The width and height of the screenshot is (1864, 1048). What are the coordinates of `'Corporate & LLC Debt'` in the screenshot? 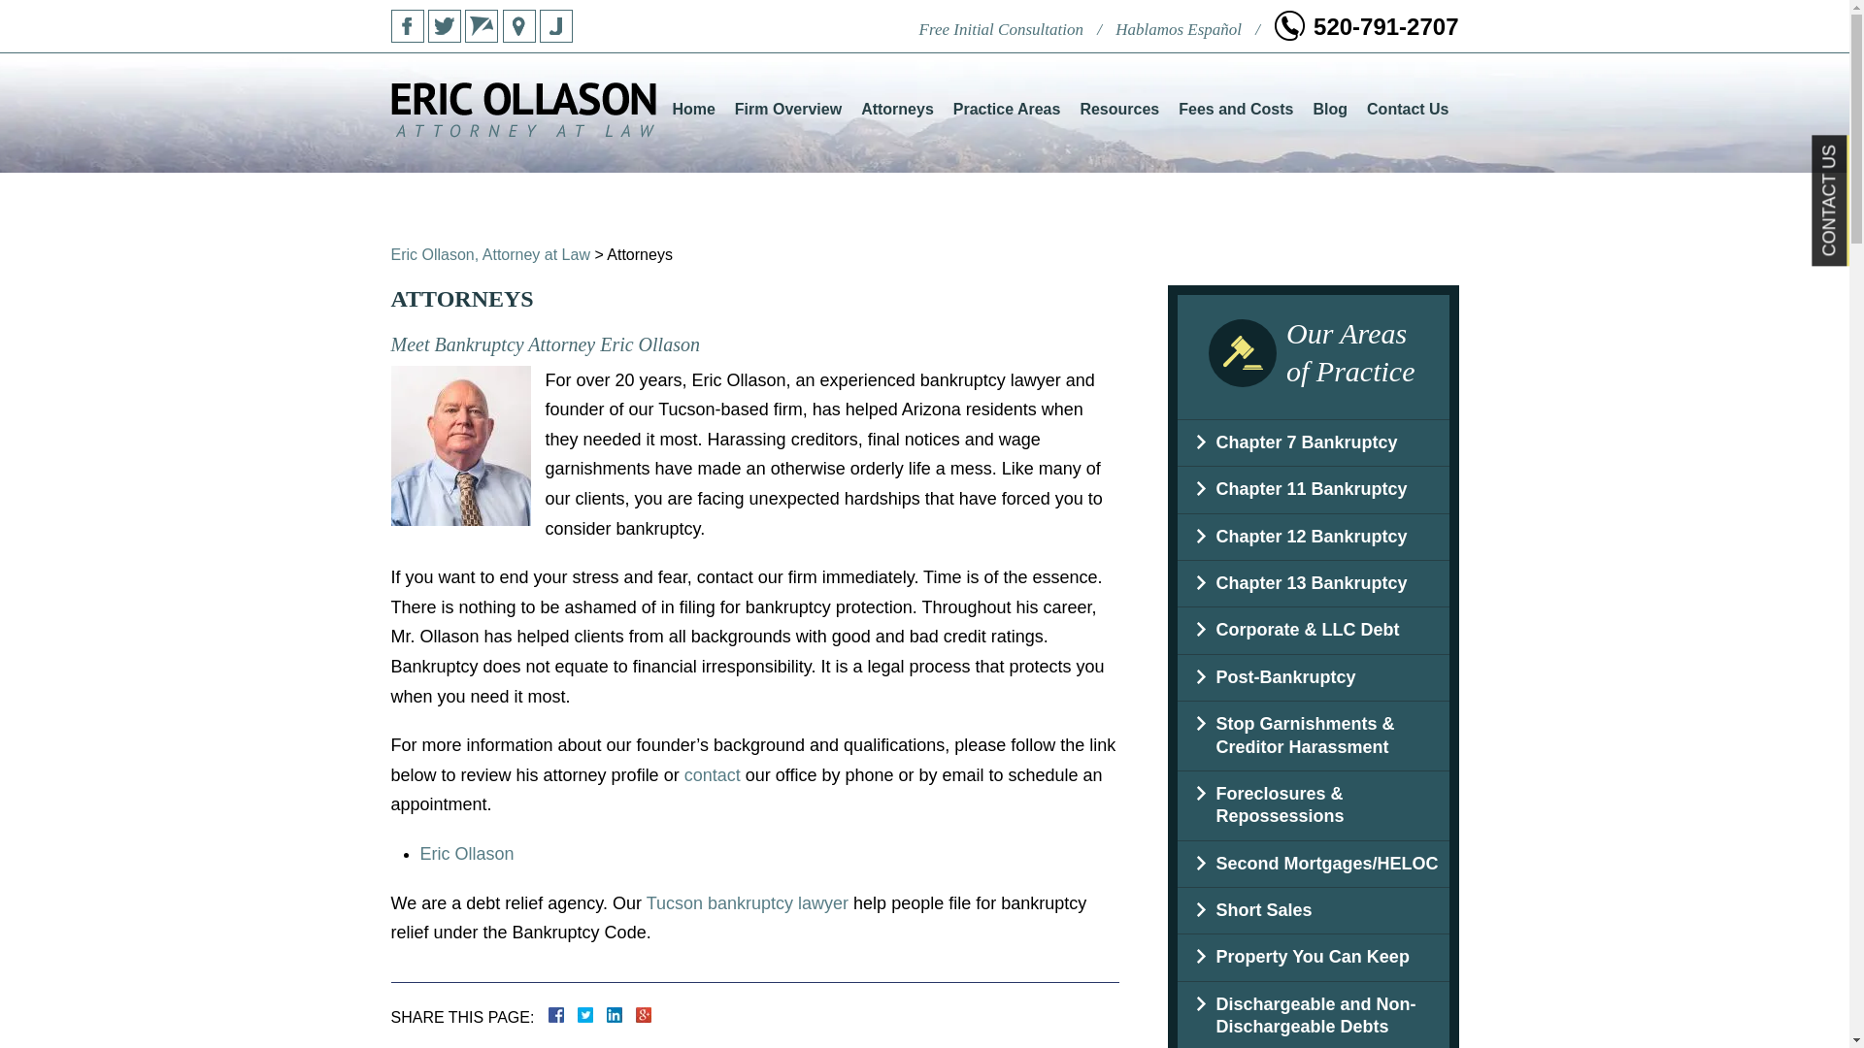 It's located at (1313, 630).